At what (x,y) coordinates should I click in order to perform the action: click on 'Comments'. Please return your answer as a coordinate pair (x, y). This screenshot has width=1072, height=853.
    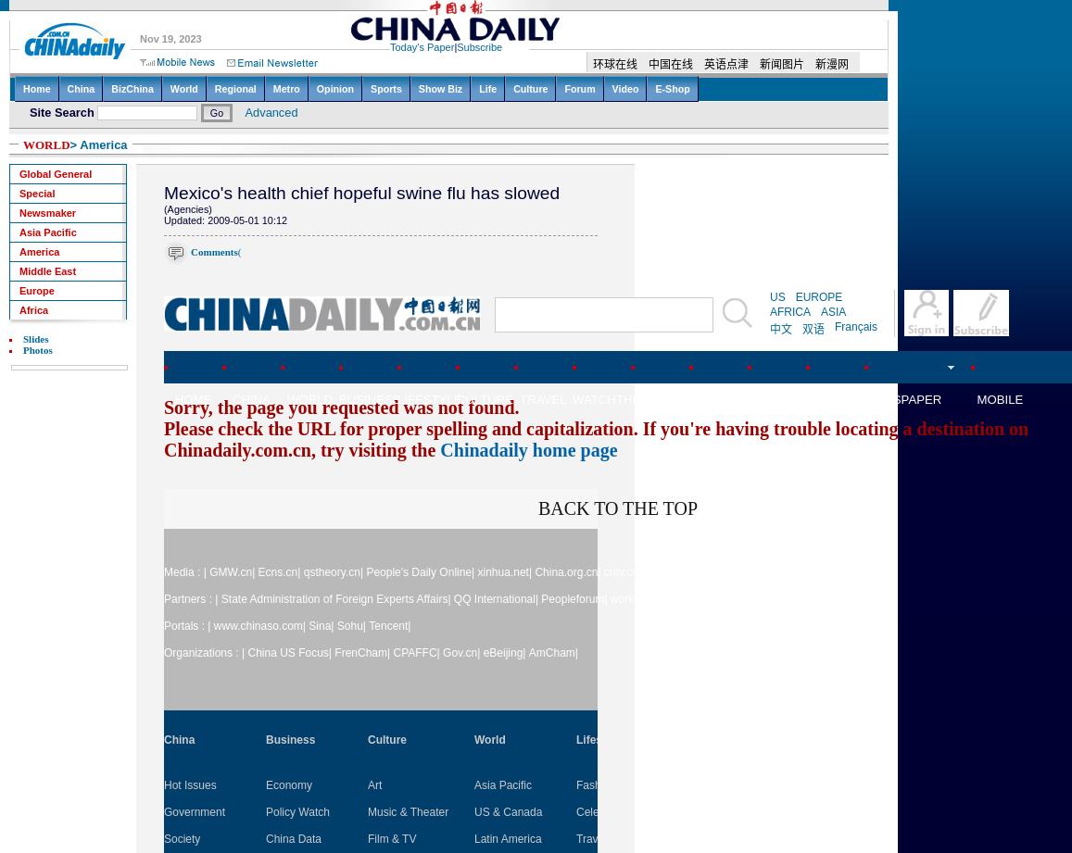
    Looking at the image, I should click on (214, 249).